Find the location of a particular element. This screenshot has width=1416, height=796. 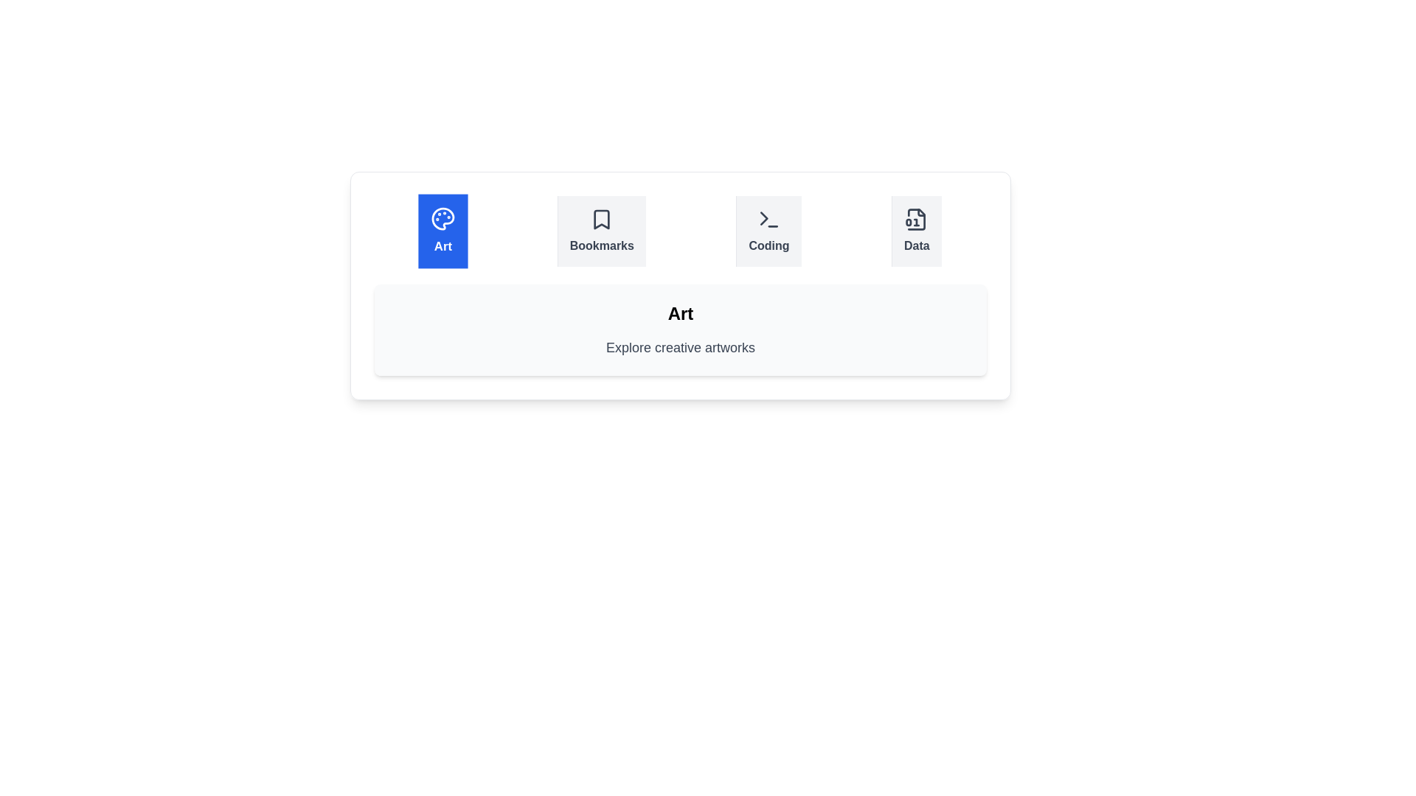

the tab labeled Coding is located at coordinates (767, 231).